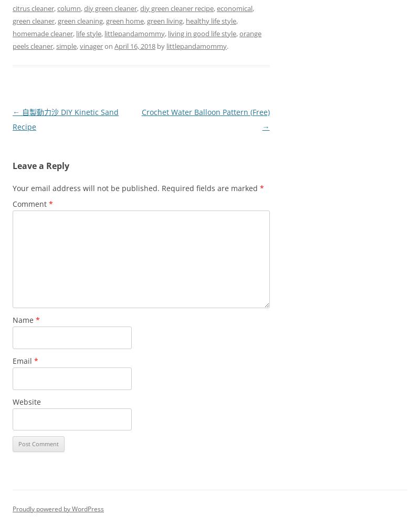 This screenshot has width=420, height=526. I want to click on 'Email', so click(23, 360).